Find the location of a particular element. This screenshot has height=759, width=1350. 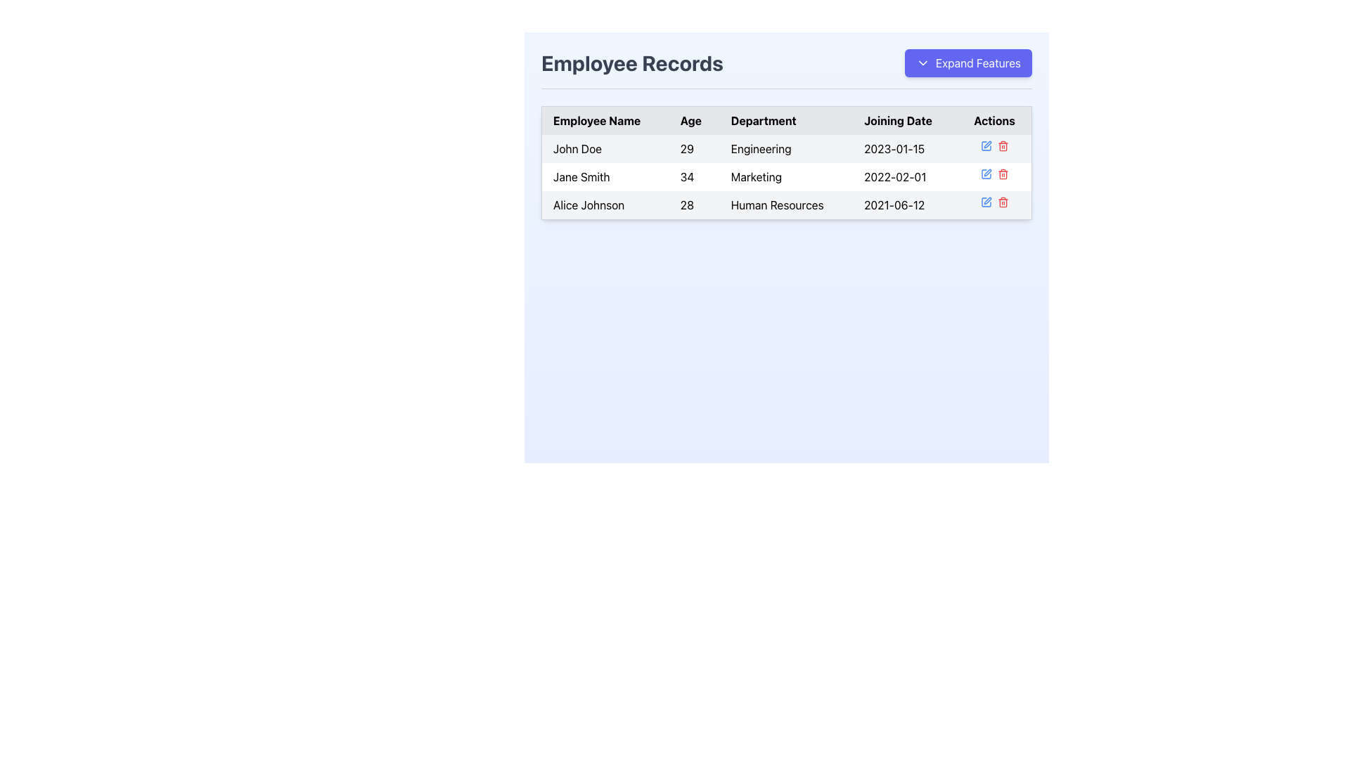

the delete icon in the 'Actions' column of the last row of the table is located at coordinates (1002, 202).